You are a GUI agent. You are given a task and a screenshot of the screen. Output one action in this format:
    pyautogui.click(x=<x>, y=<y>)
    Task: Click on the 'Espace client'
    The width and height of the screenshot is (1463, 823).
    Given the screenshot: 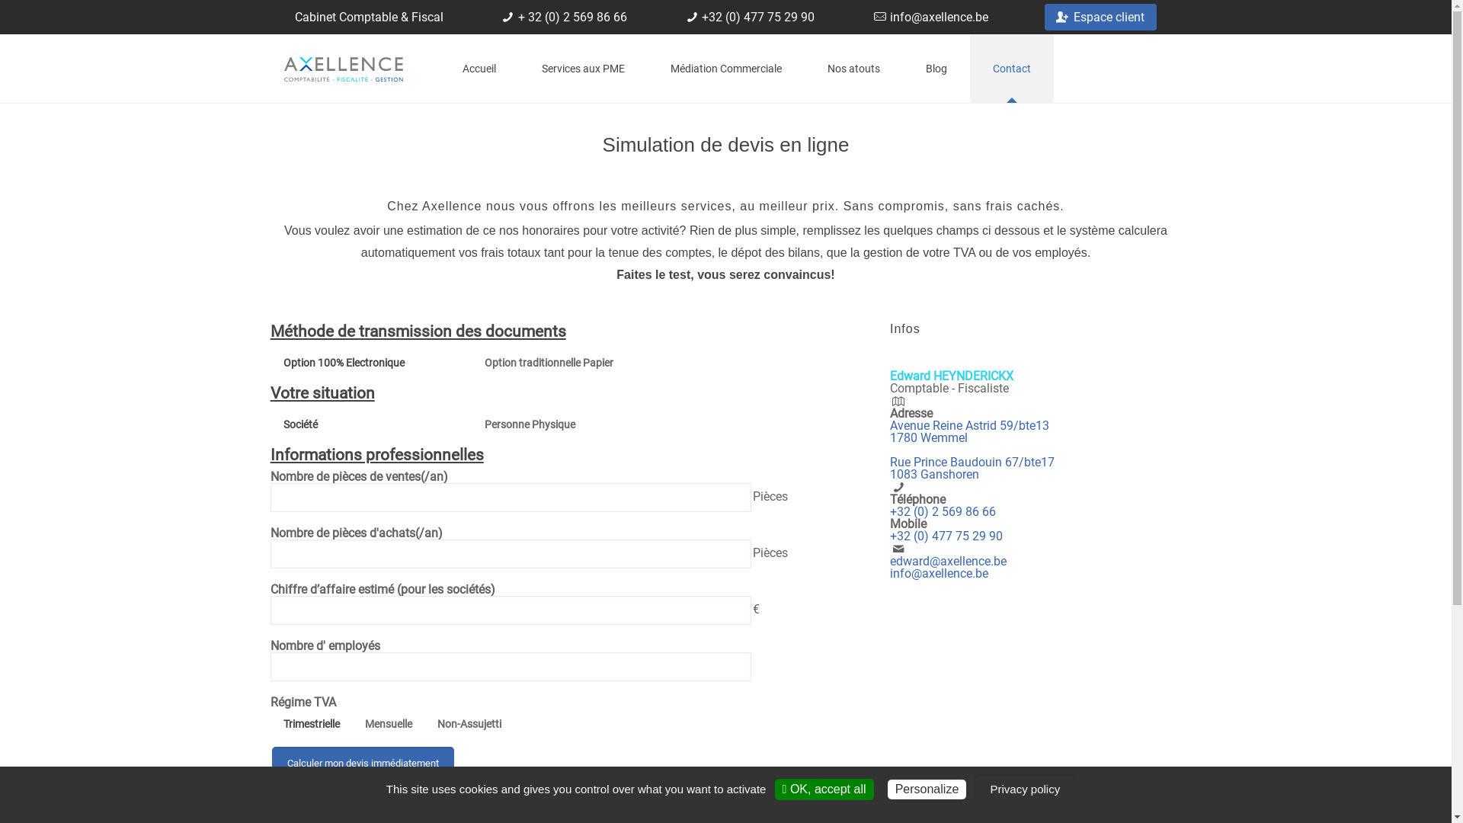 What is the action you would take?
    pyautogui.click(x=1109, y=17)
    